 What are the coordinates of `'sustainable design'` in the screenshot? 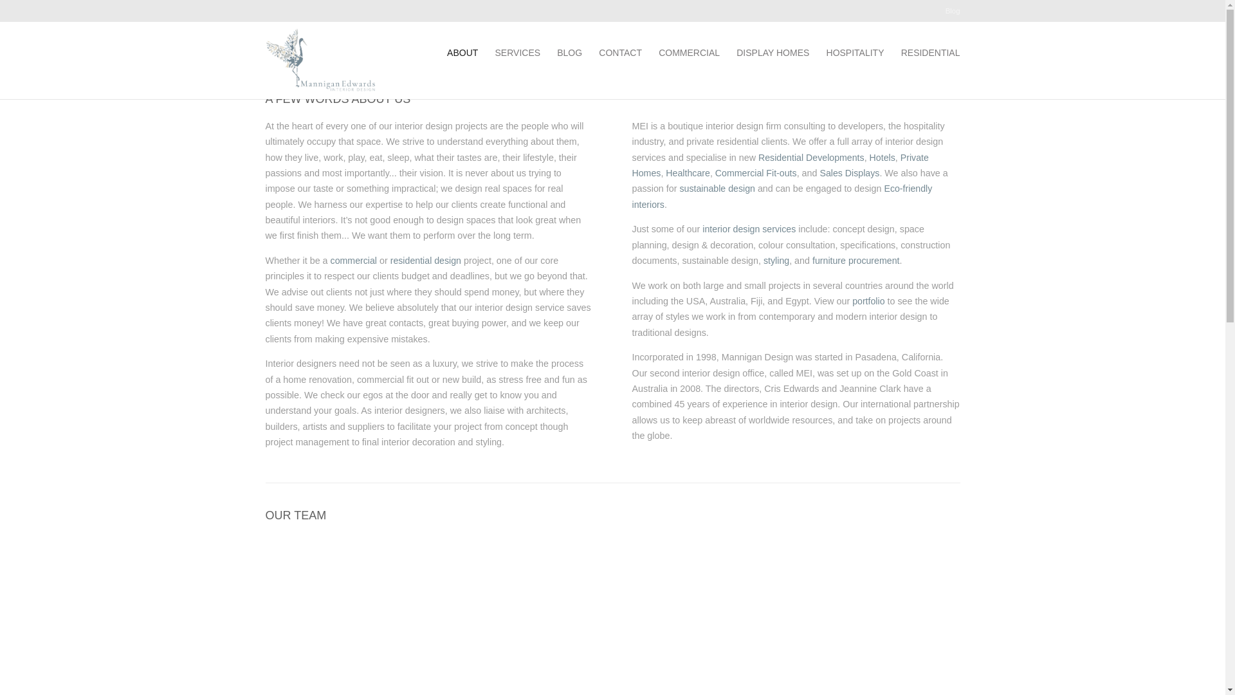 It's located at (679, 189).